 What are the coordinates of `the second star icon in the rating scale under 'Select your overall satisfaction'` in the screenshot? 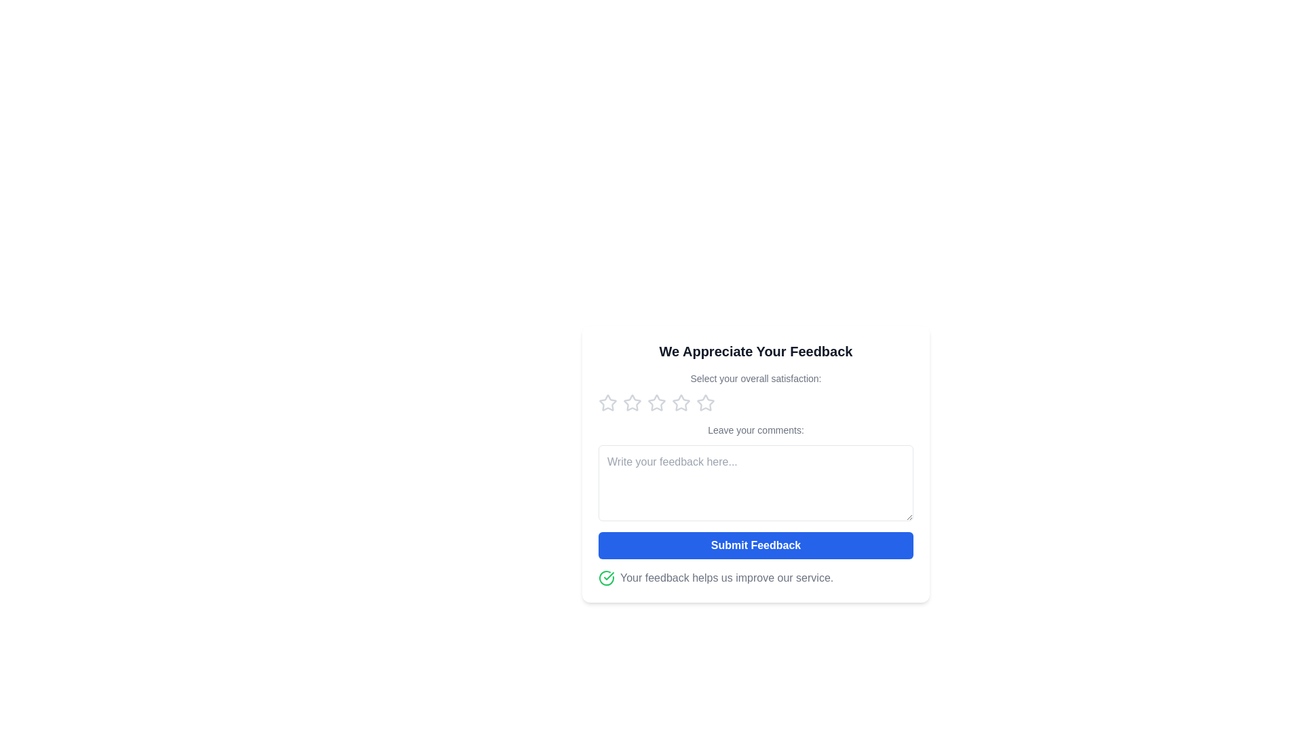 It's located at (657, 402).